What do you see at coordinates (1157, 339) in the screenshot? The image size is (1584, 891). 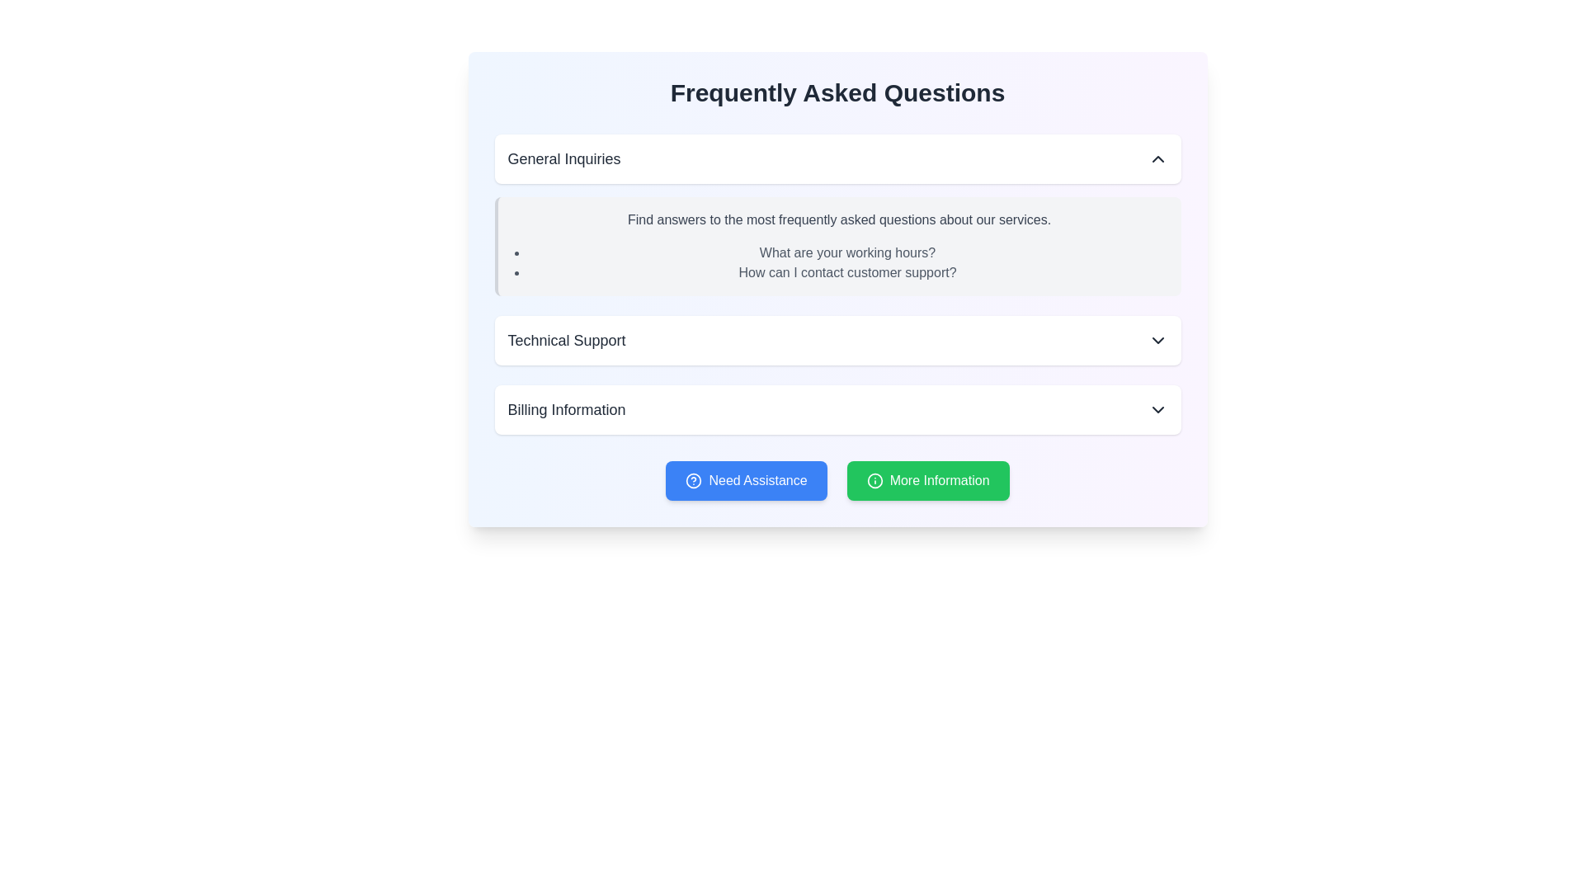 I see `the dropdown indicator icon located at the far right corner of the 'Technical Support' section` at bounding box center [1157, 339].